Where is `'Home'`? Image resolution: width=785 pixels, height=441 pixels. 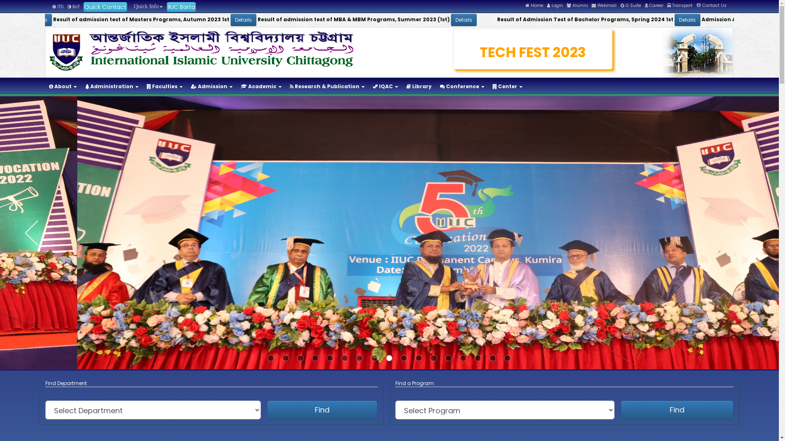
'Home' is located at coordinates (525, 5).